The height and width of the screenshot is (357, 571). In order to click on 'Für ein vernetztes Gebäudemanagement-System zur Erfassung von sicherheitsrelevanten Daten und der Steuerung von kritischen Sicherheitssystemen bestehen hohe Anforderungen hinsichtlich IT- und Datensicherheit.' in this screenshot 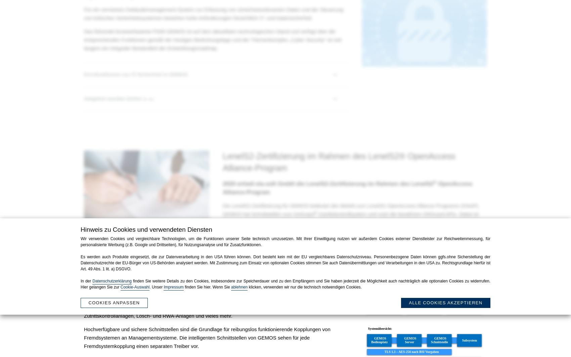, I will do `click(213, 13)`.